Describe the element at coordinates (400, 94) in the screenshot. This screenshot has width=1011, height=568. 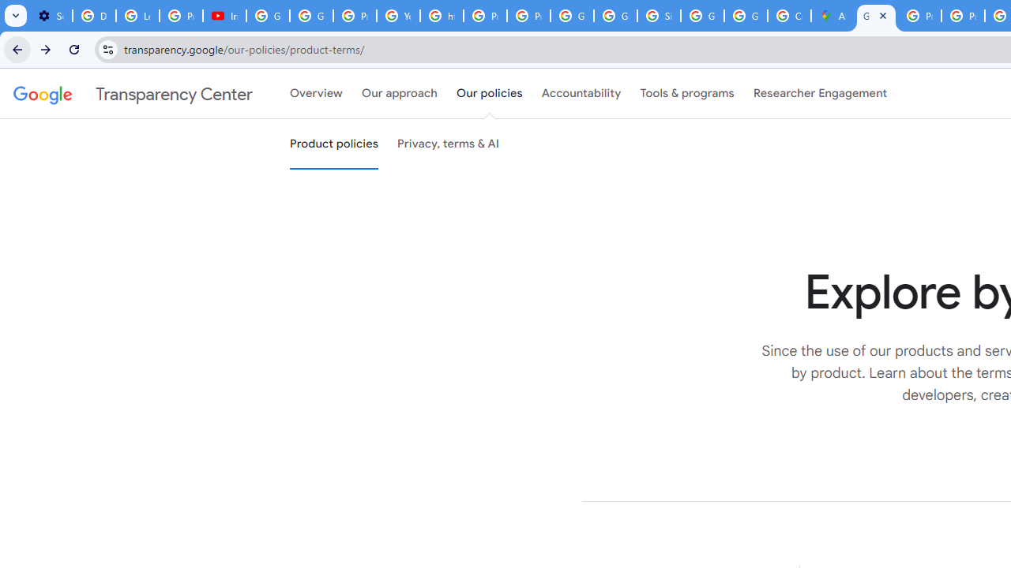
I see `'Our approach'` at that location.